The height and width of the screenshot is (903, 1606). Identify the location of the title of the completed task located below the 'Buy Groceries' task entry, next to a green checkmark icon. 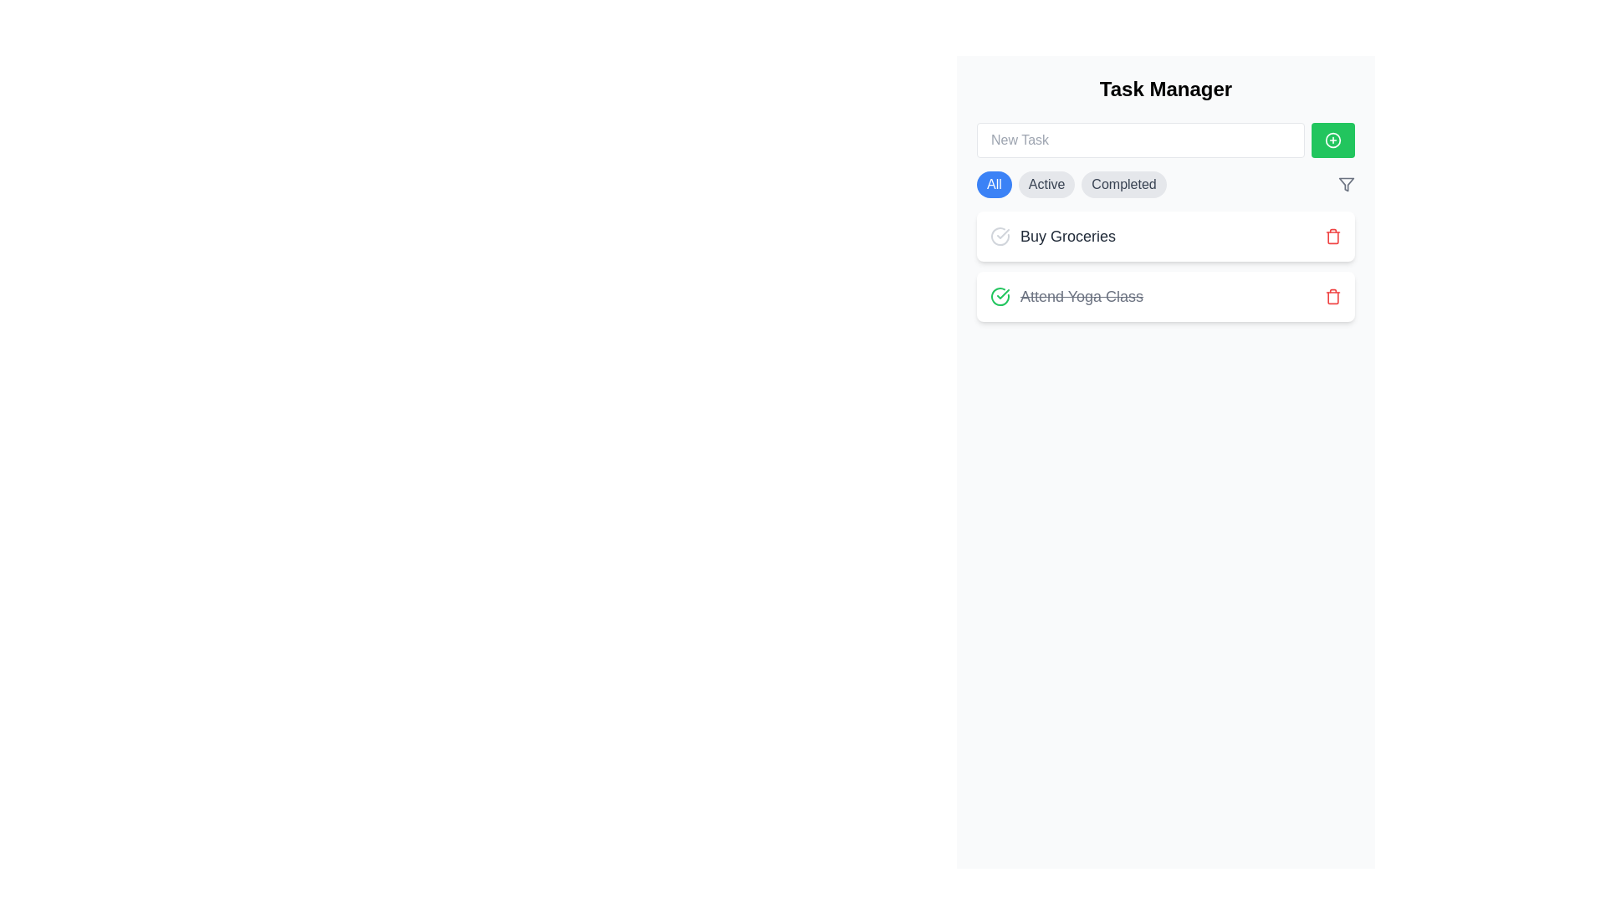
(1082, 295).